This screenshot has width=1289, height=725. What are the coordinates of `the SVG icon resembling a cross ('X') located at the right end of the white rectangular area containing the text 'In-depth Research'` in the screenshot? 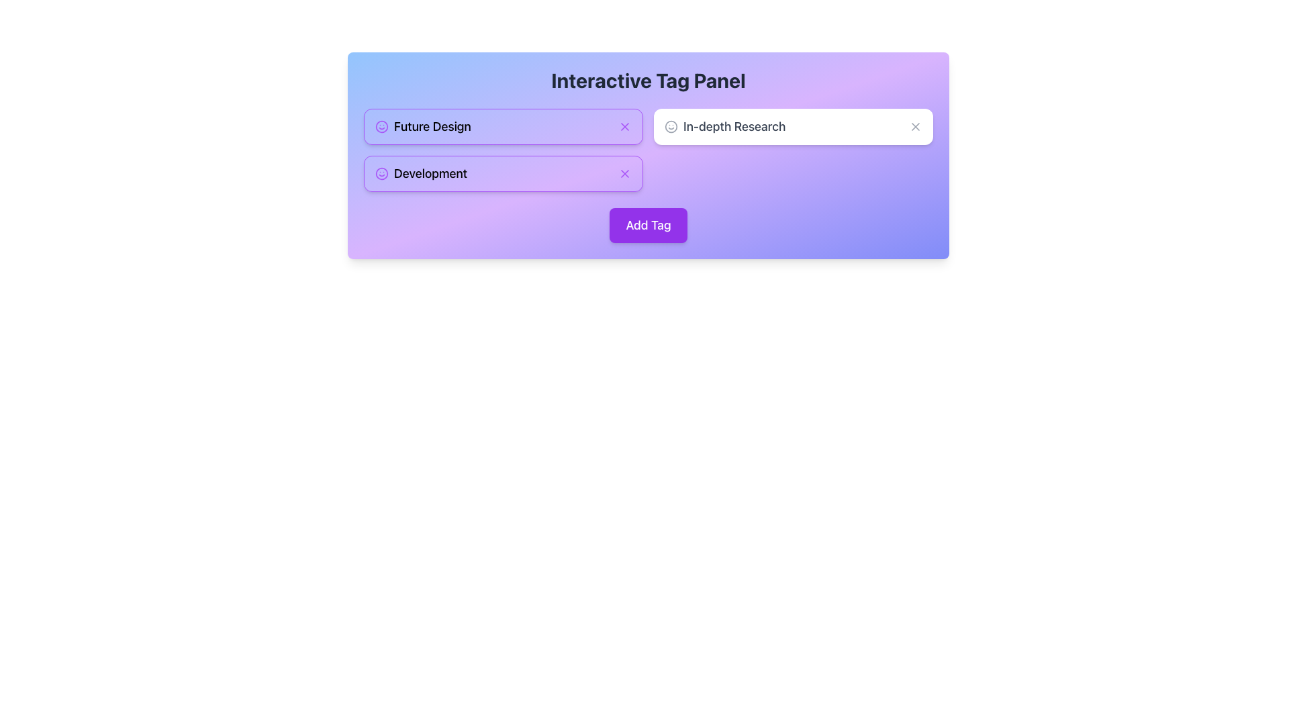 It's located at (914, 127).